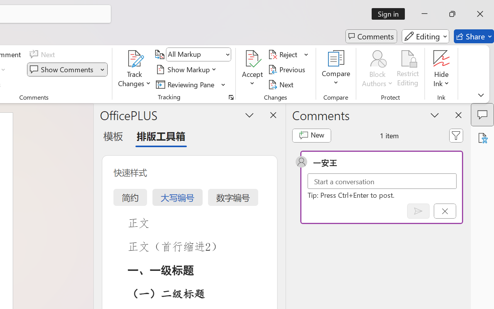 Image resolution: width=494 pixels, height=309 pixels. I want to click on 'Next', so click(281, 84).